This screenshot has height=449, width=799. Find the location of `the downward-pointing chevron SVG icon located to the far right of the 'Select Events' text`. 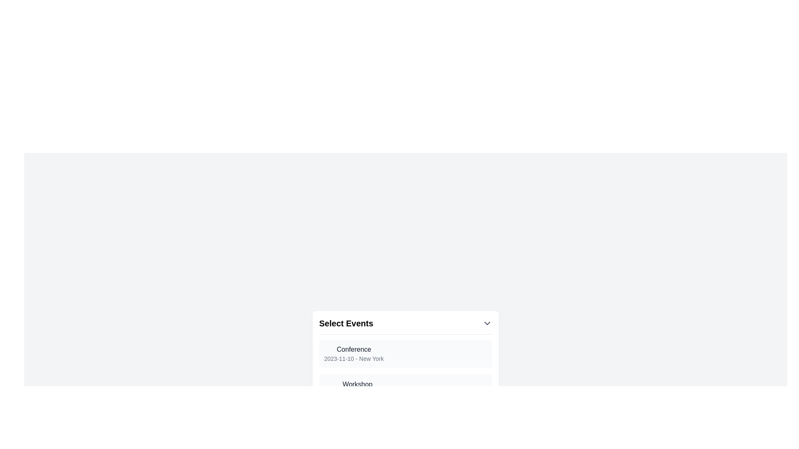

the downward-pointing chevron SVG icon located to the far right of the 'Select Events' text is located at coordinates (487, 323).